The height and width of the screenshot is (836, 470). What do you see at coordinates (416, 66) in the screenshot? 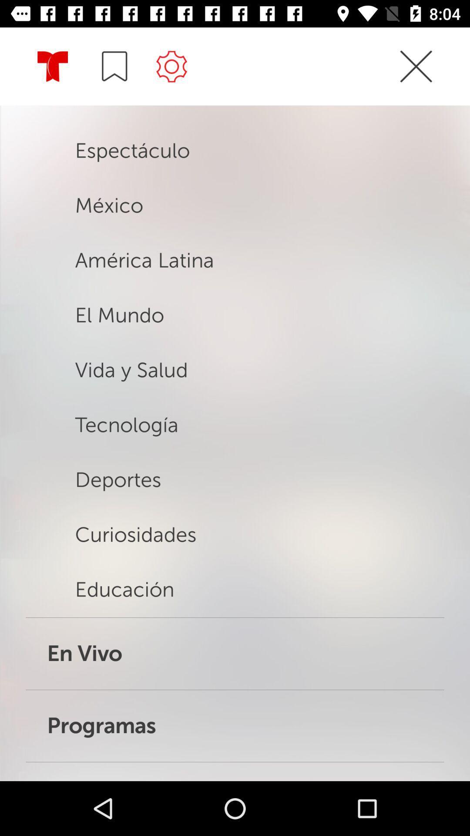
I see `x button which is on the top right corner of the page` at bounding box center [416, 66].